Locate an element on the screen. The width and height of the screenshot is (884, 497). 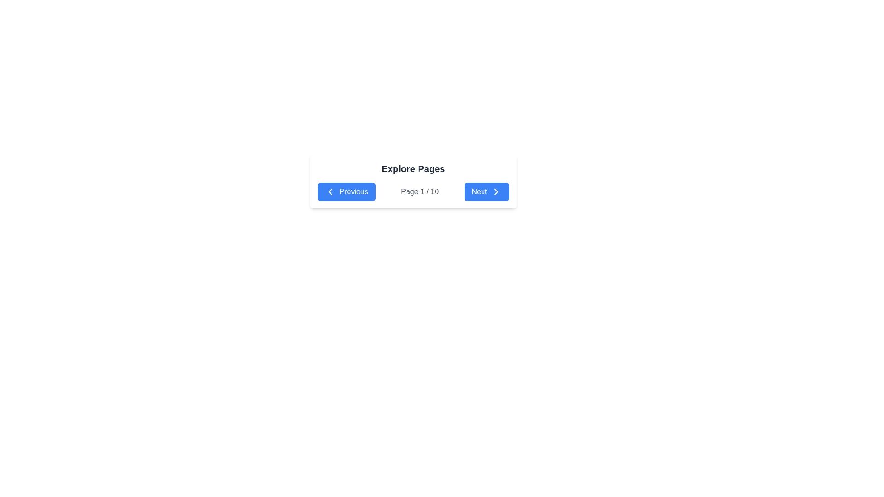
the 'Previous' button, which has a blue background and white text is located at coordinates (346, 191).